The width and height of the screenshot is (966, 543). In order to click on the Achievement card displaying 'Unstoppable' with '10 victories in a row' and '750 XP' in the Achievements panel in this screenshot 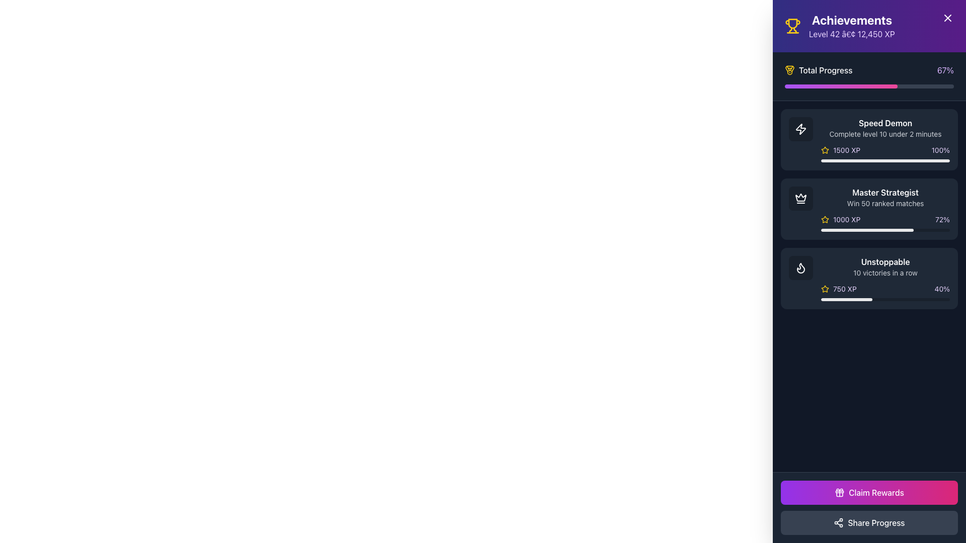, I will do `click(869, 279)`.